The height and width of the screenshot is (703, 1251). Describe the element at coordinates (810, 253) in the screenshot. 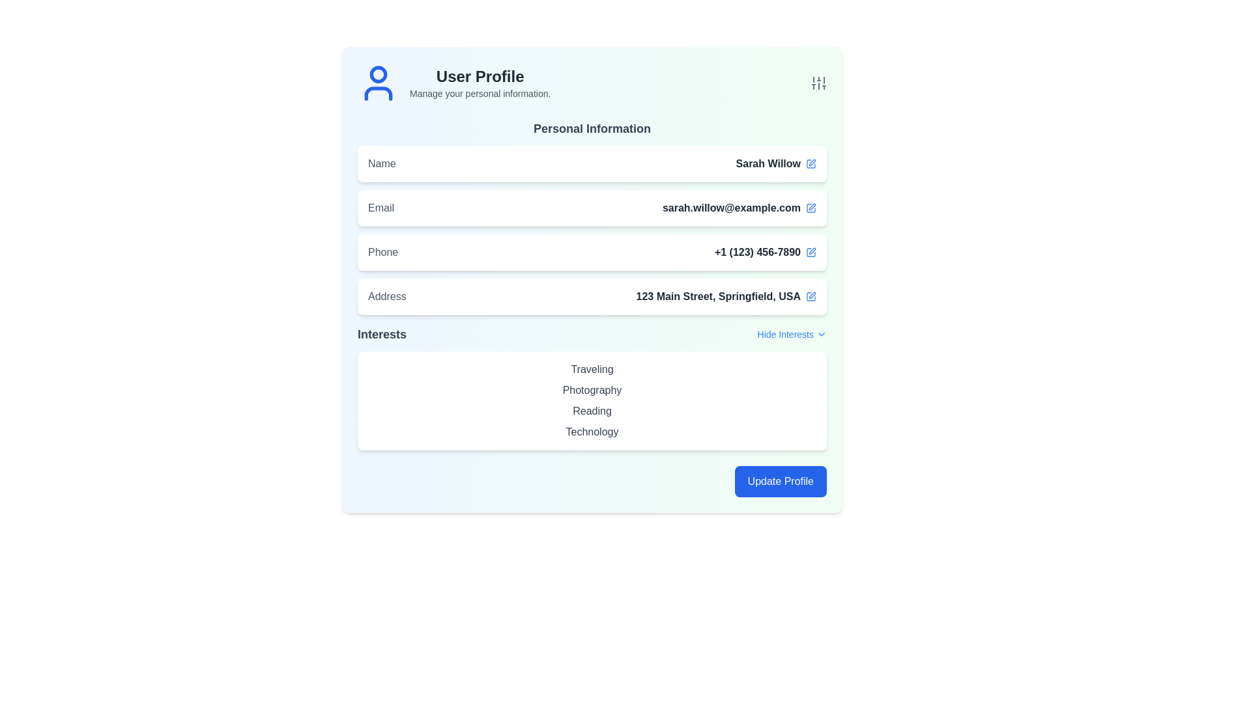

I see `the blue square icon with a pen overlay located in the 'Phone' field section on the right-hand side of the field's content` at that location.